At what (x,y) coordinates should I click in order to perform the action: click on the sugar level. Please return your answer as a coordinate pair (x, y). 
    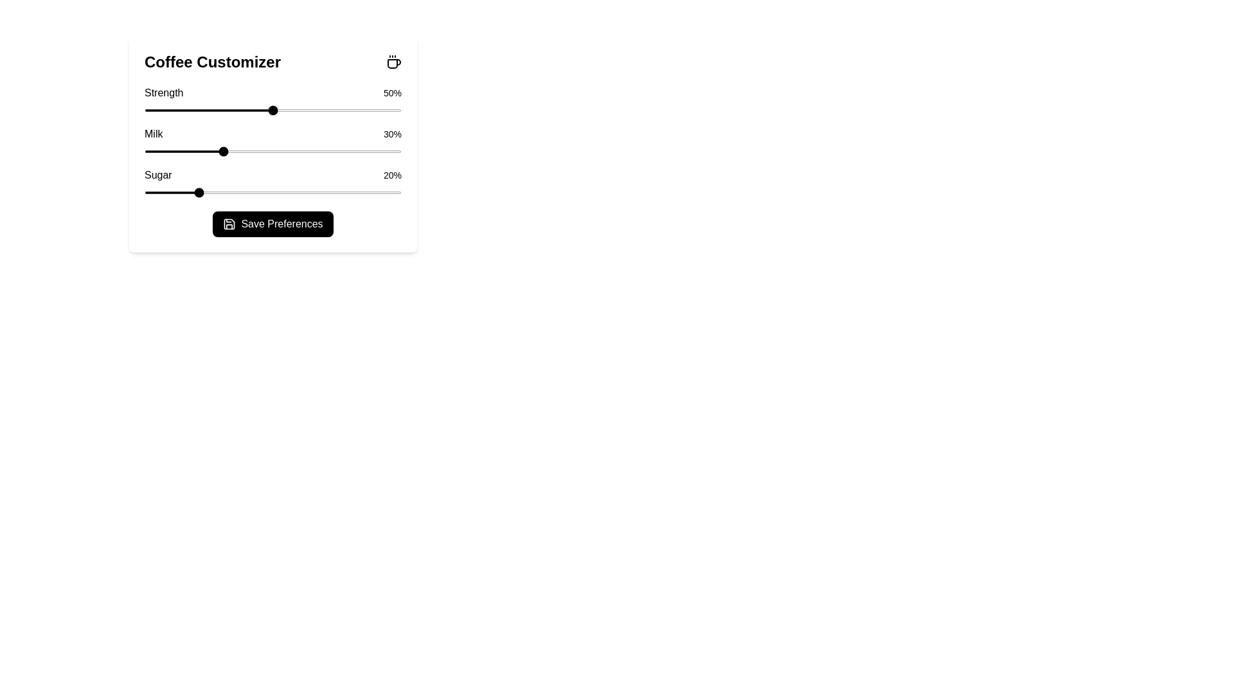
    Looking at the image, I should click on (202, 193).